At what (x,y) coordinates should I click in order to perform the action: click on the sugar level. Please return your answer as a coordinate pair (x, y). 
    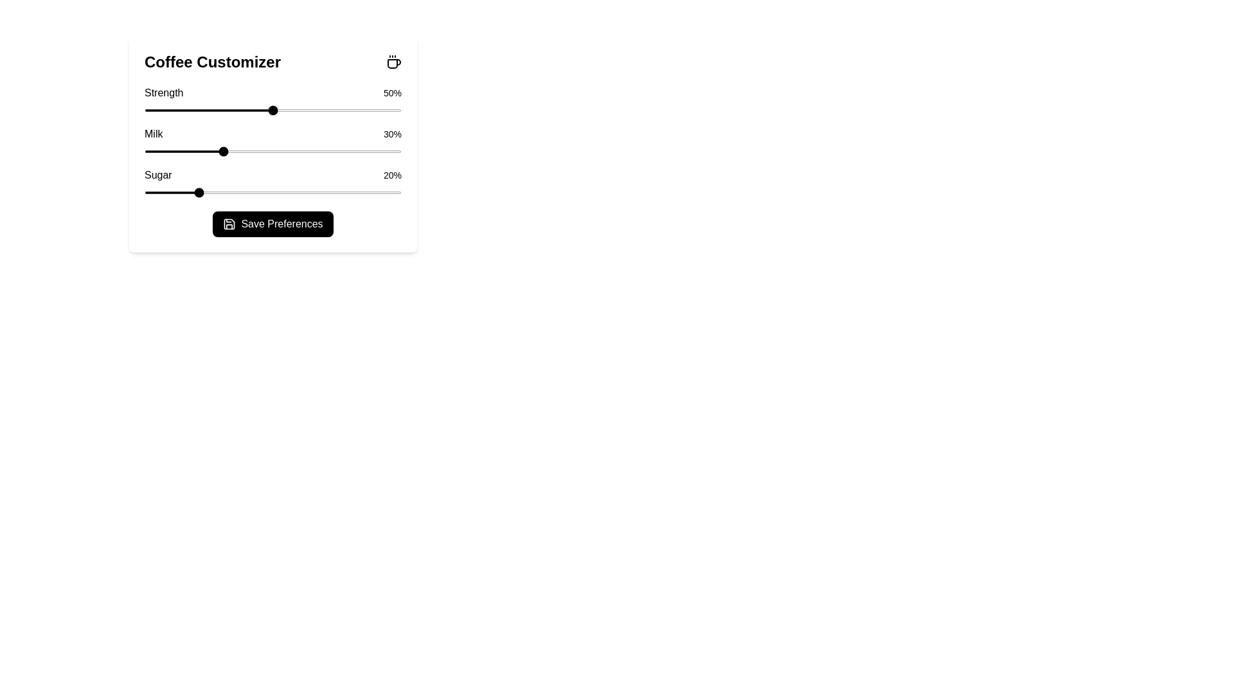
    Looking at the image, I should click on (202, 193).